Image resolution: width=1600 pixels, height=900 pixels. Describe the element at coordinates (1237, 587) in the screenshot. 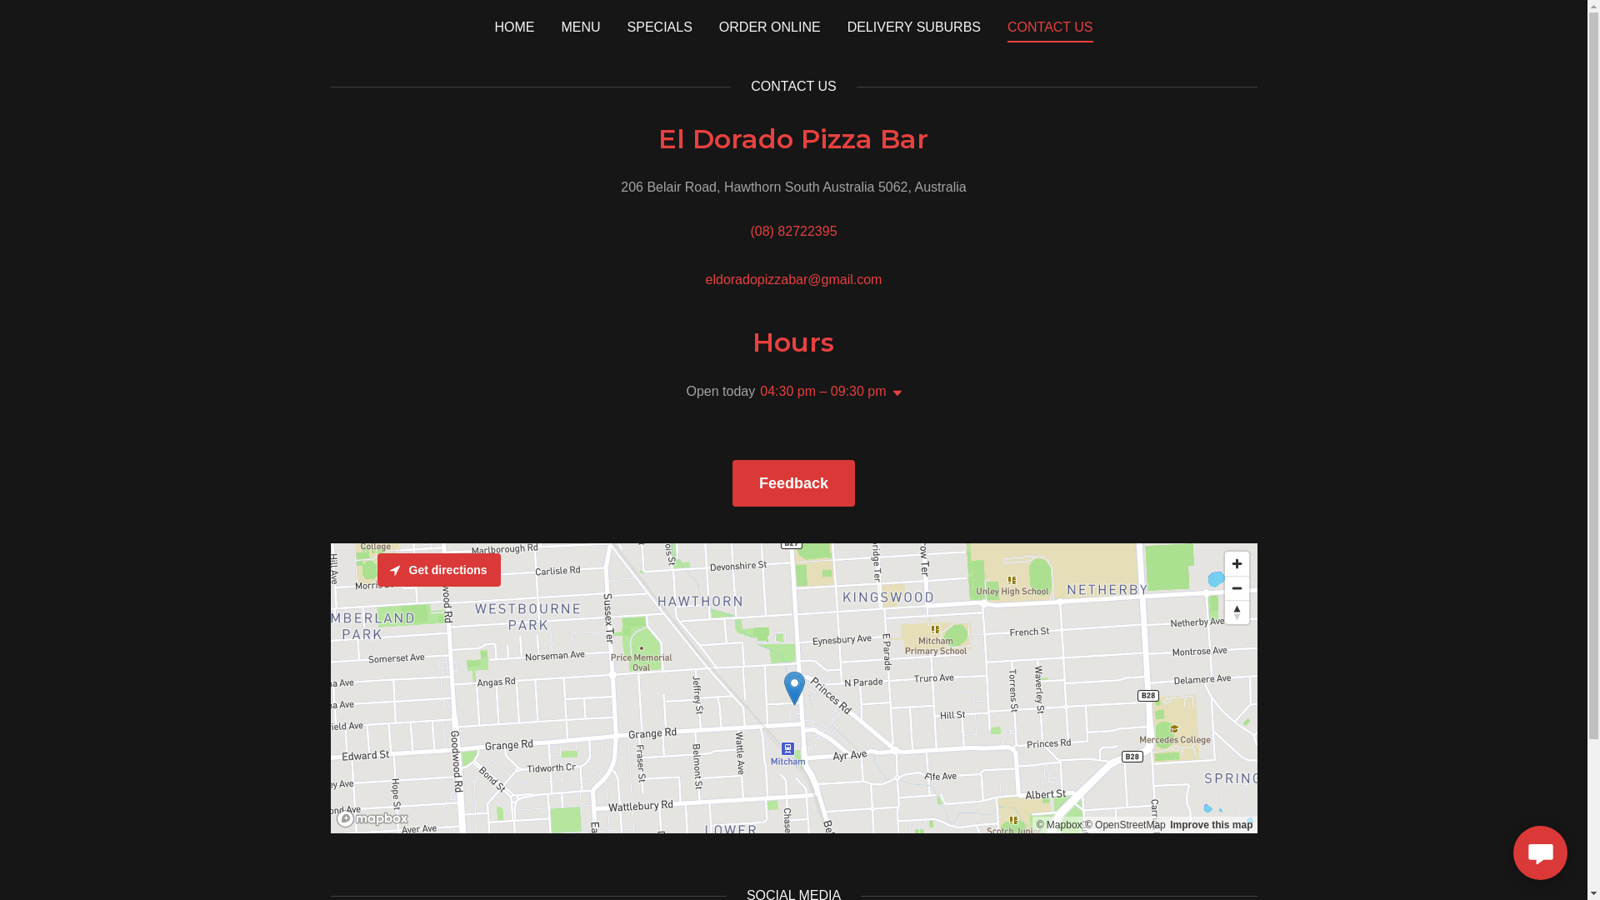

I see `'Zoom out'` at that location.